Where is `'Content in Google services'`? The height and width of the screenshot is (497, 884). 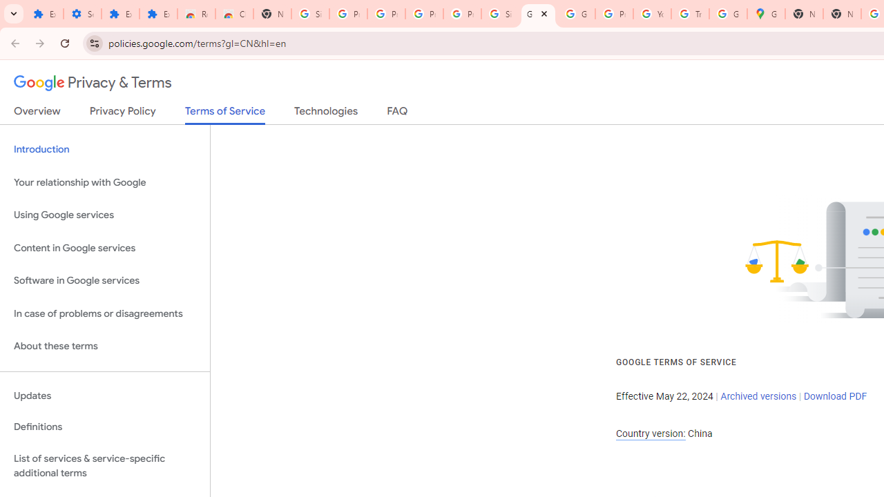 'Content in Google services' is located at coordinates (104, 247).